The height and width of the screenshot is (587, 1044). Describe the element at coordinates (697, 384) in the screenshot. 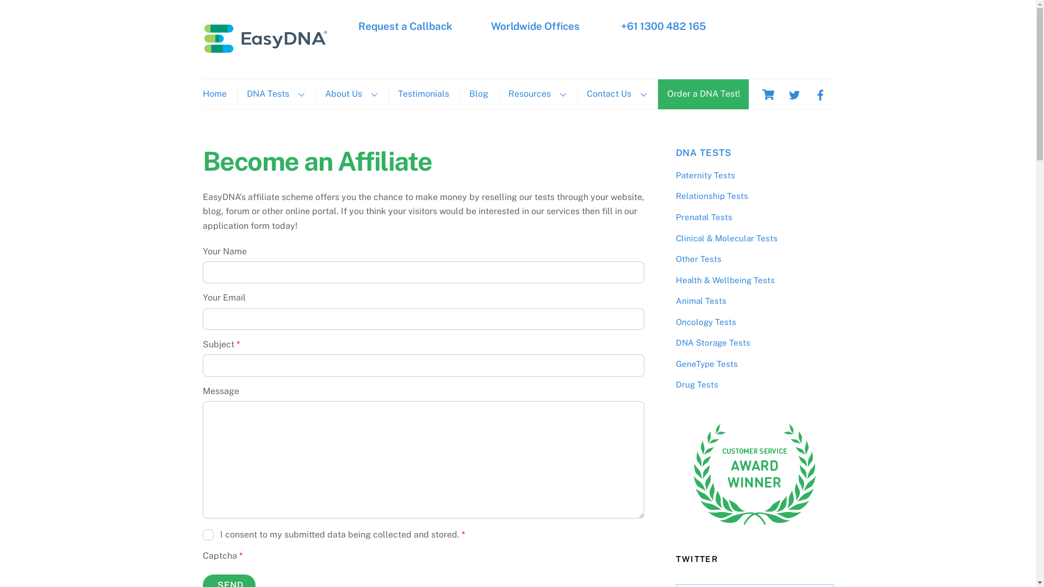

I see `'Drug Tests'` at that location.